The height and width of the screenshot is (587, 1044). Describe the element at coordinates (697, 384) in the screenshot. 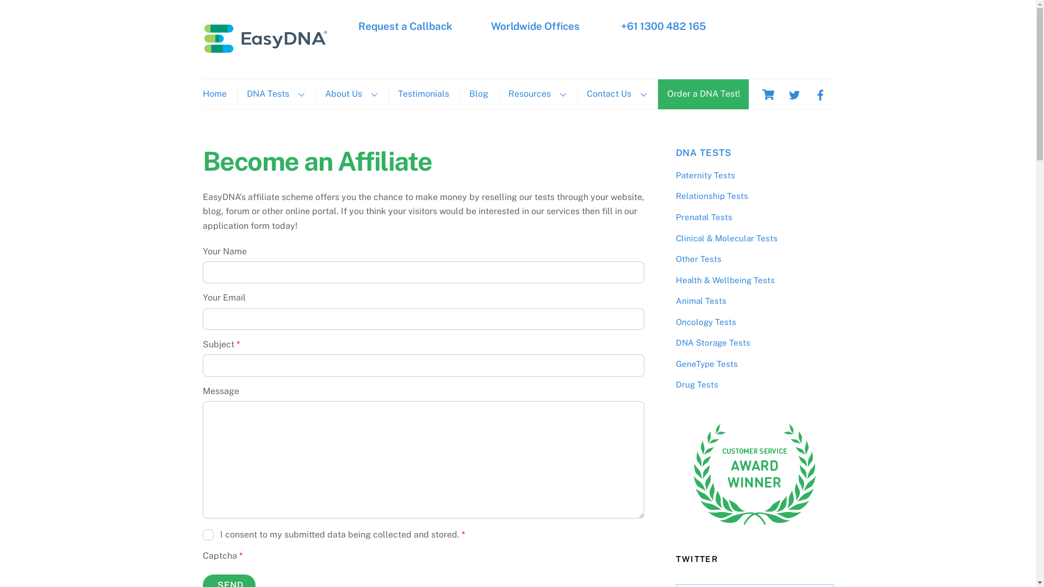

I see `'Drug Tests'` at that location.